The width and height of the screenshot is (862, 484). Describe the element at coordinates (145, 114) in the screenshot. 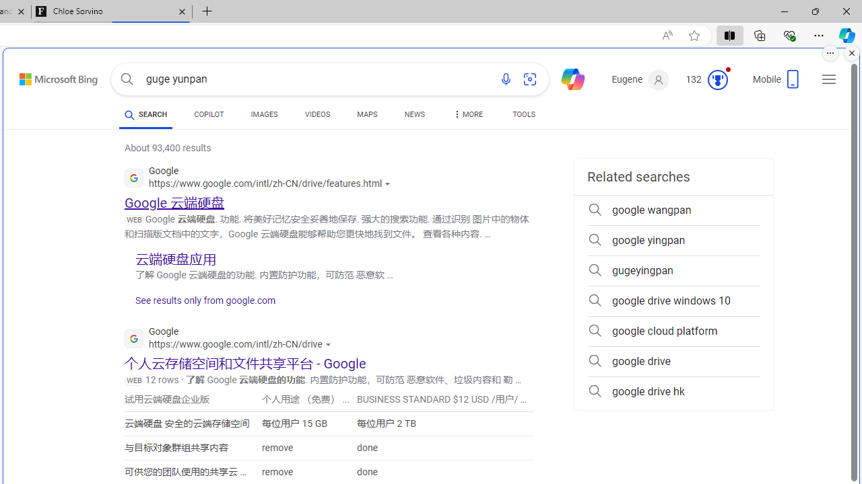

I see `'SEARCH'` at that location.